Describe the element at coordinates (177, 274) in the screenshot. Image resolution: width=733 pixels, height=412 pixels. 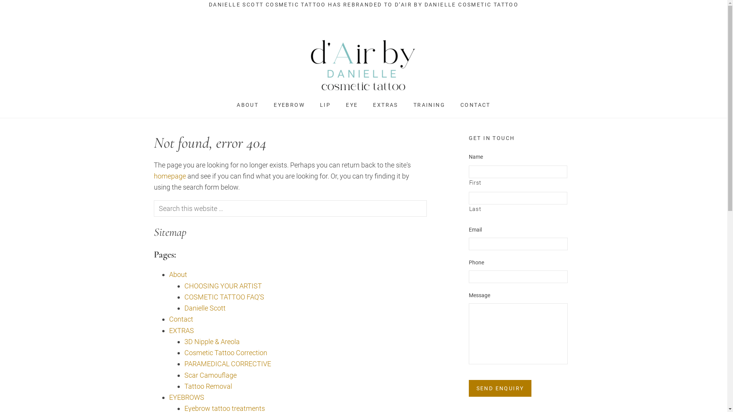
I see `'About'` at that location.